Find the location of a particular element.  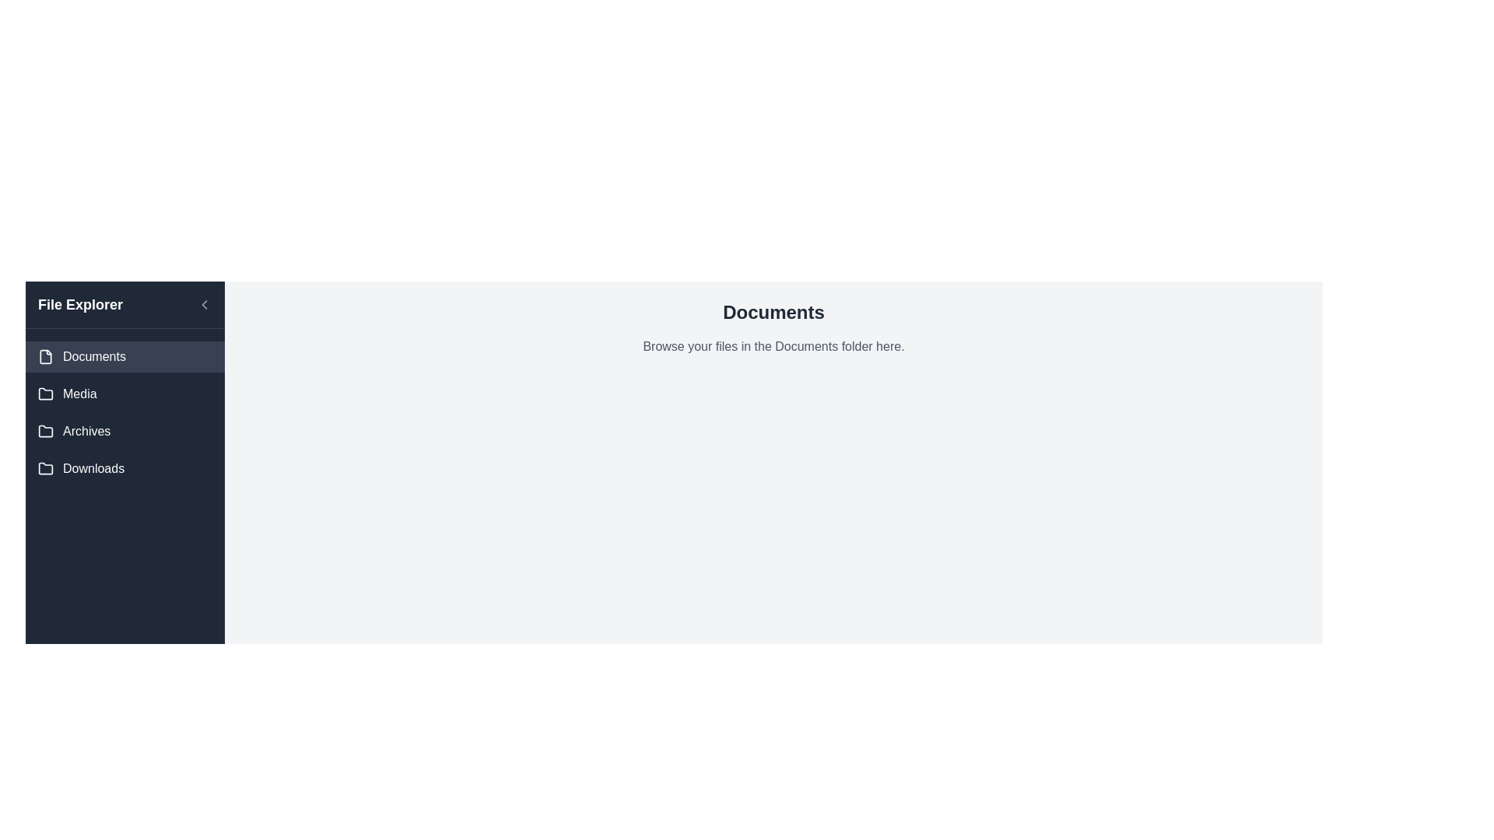

the appearance of the folder icon located to the left of the 'Media' text in the 'File Explorer' menu is located at coordinates (45, 393).